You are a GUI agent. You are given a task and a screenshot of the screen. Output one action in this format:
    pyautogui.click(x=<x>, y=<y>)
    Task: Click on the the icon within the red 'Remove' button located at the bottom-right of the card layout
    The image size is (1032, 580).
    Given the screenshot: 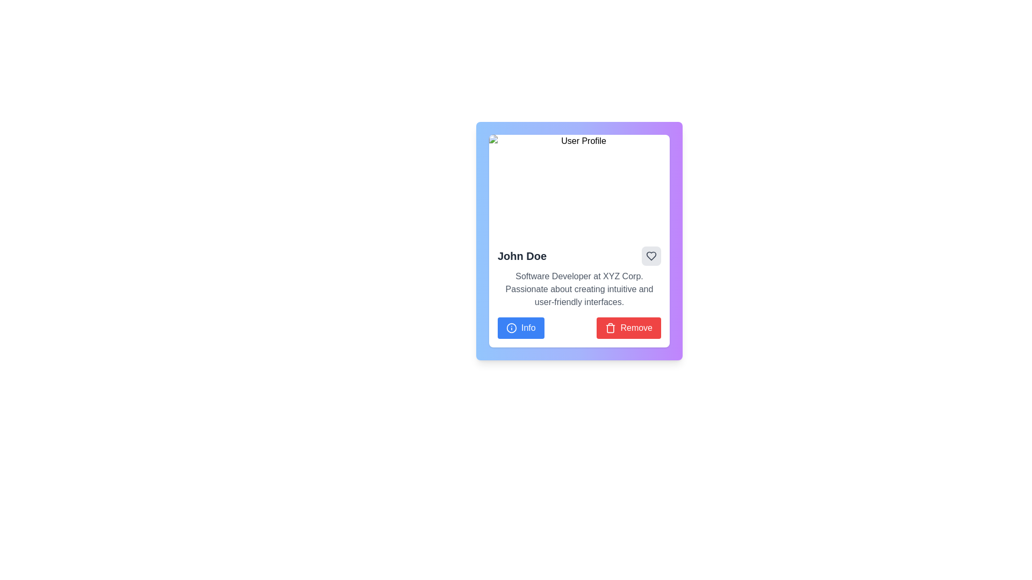 What is the action you would take?
    pyautogui.click(x=611, y=327)
    